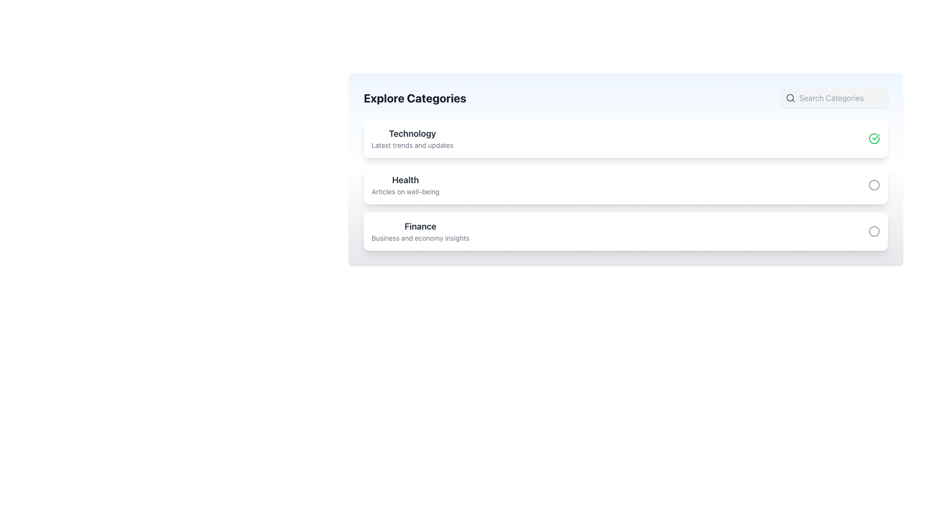 Image resolution: width=929 pixels, height=522 pixels. I want to click on the icon located at the top-right corner of the 'Technology' category card to confirm selection of the associated category, so click(874, 138).